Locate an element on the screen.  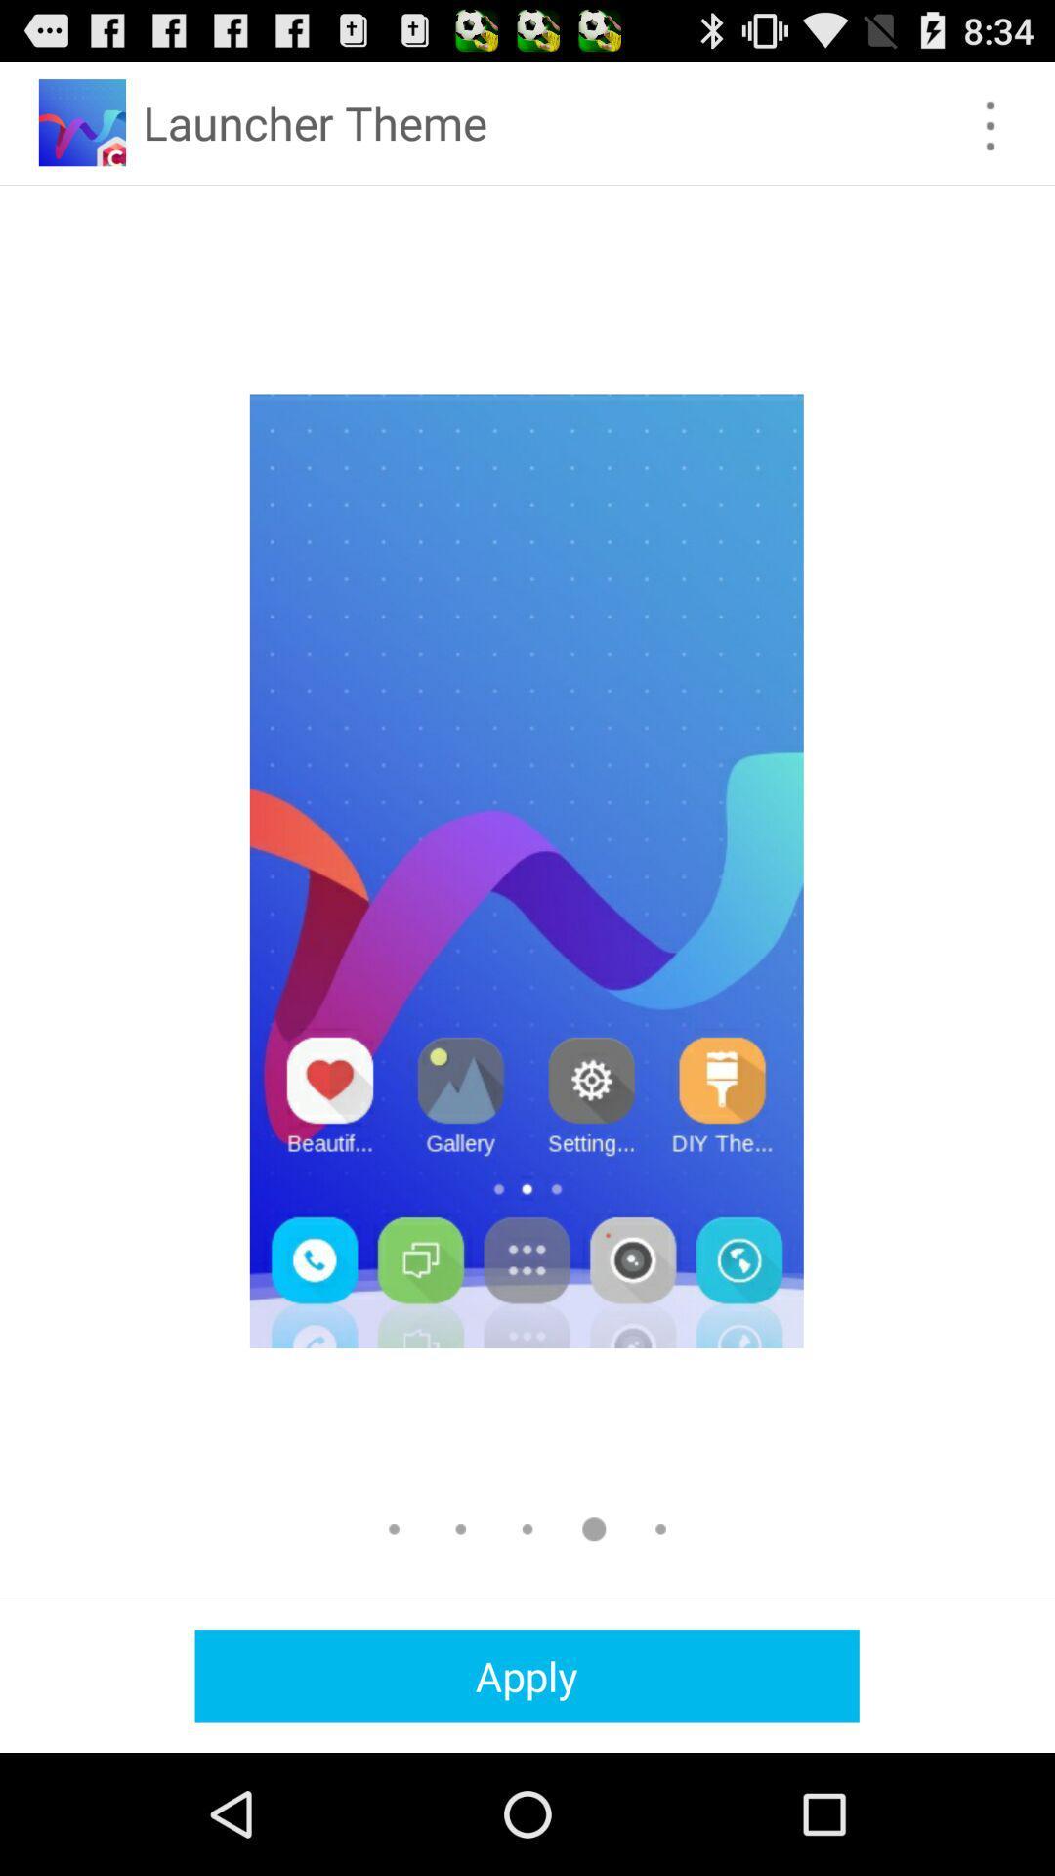
open settings is located at coordinates (991, 125).